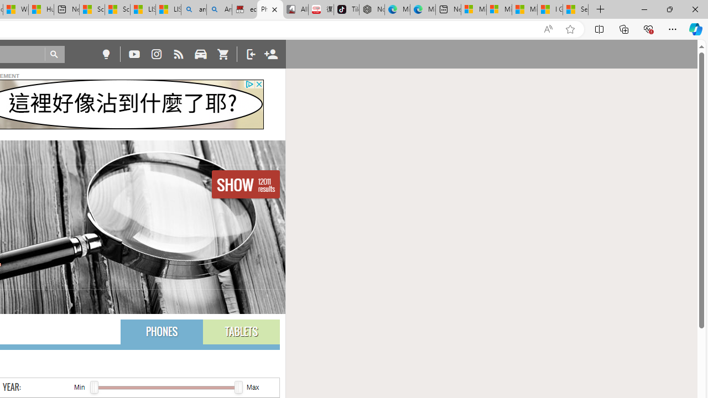  Describe the element at coordinates (270, 9) in the screenshot. I see `'Phone Finder - search for a phone by feature - GSMArena.com'` at that location.